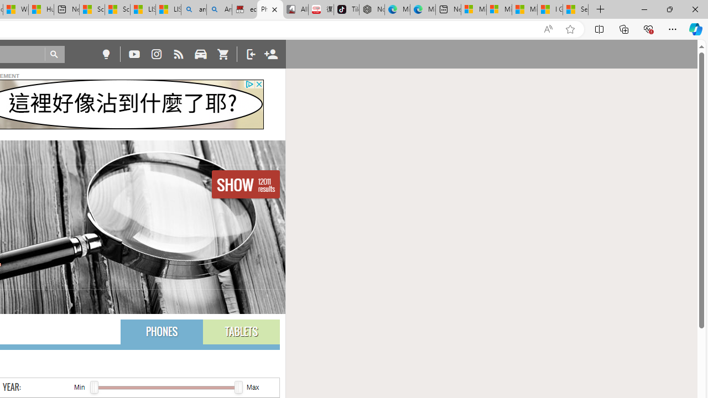  Describe the element at coordinates (270, 9) in the screenshot. I see `'Phone Finder - search for a phone by feature - GSMArena.com'` at that location.